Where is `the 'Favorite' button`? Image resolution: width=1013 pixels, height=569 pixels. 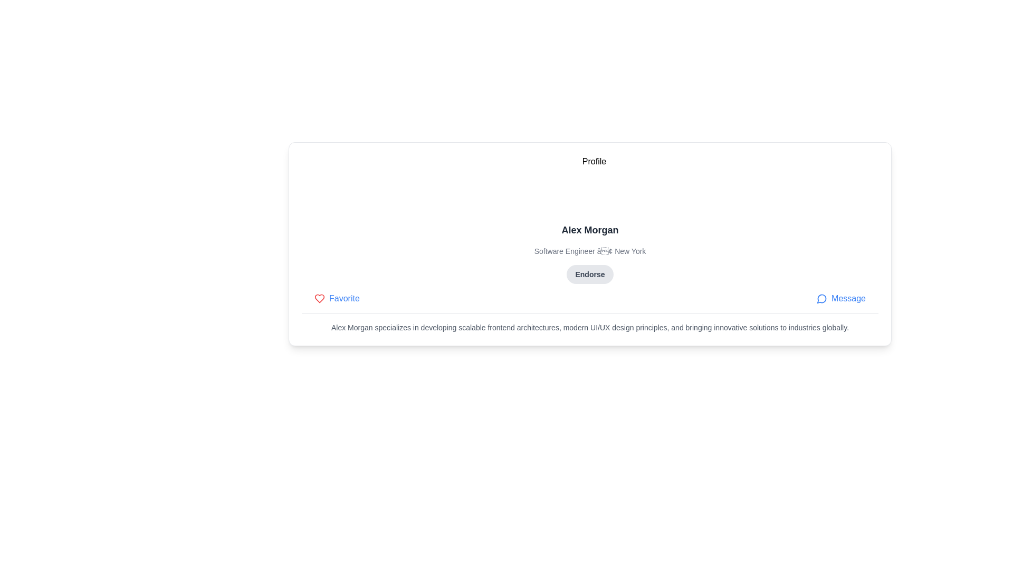
the 'Favorite' button is located at coordinates (336, 299).